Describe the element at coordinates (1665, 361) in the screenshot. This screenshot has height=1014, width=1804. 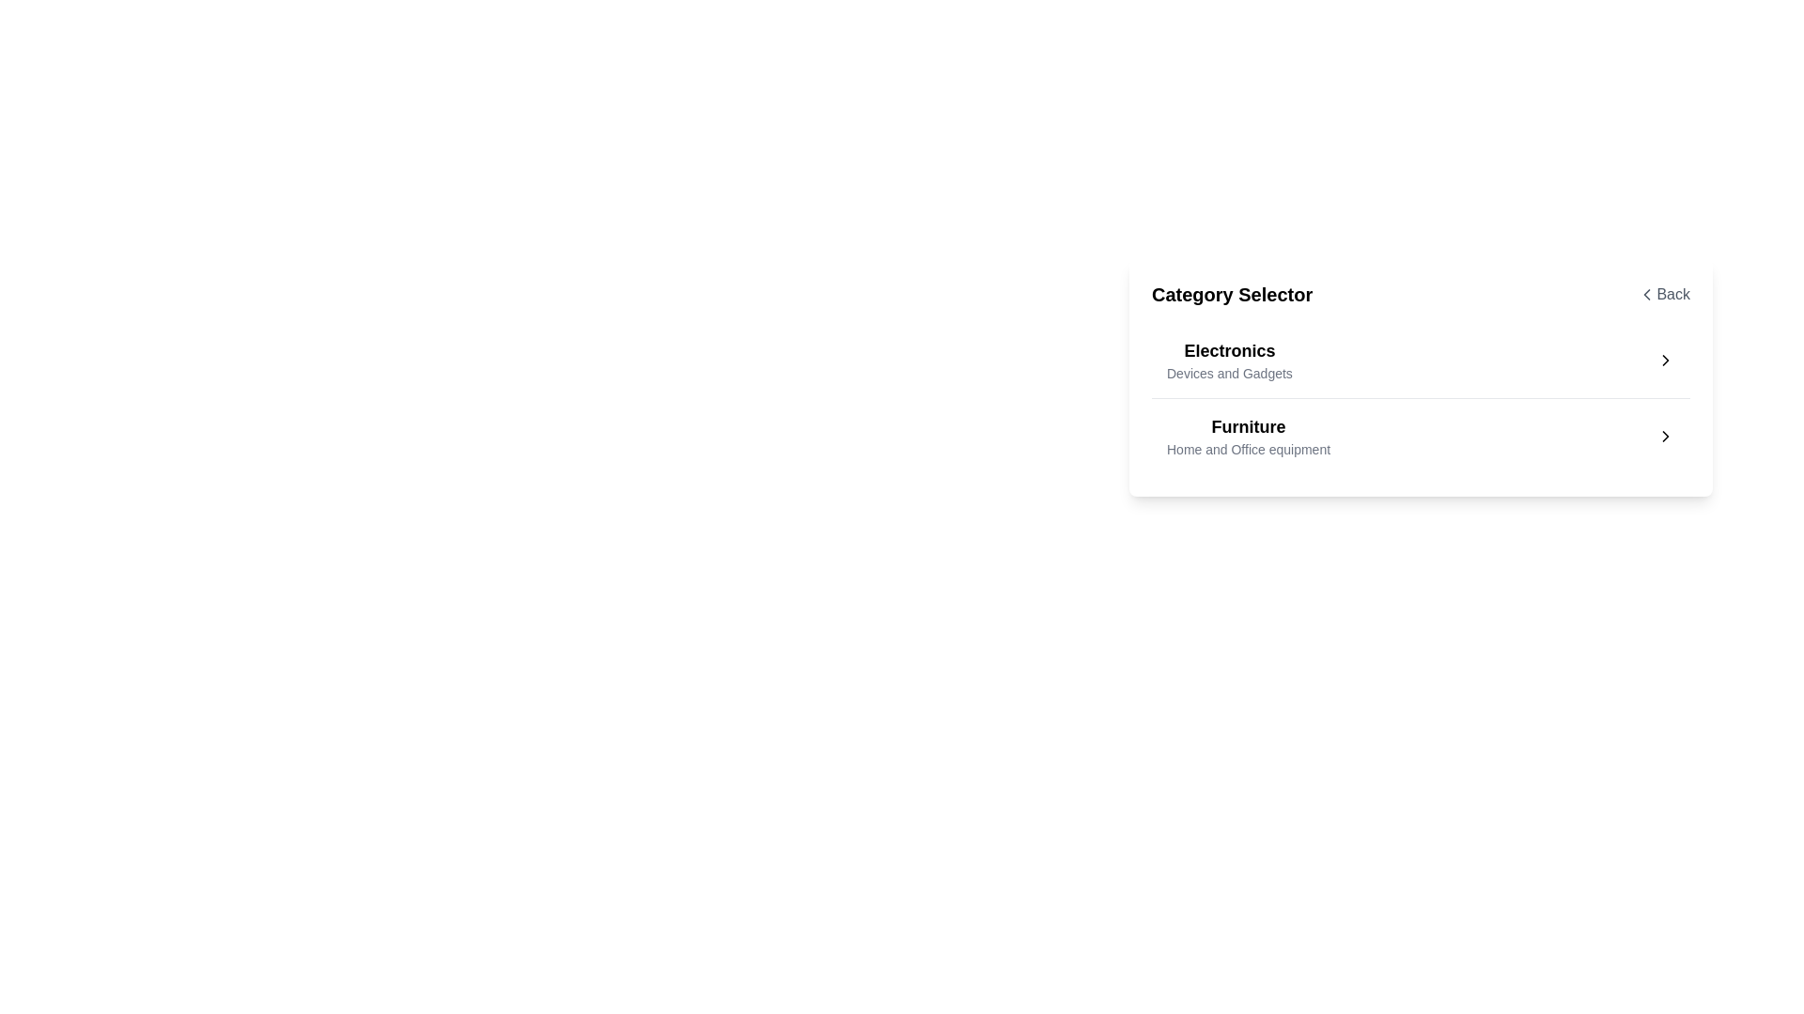
I see `the right-pointing chevron icon of the 'Electronics' entry in the Category Selector` at that location.